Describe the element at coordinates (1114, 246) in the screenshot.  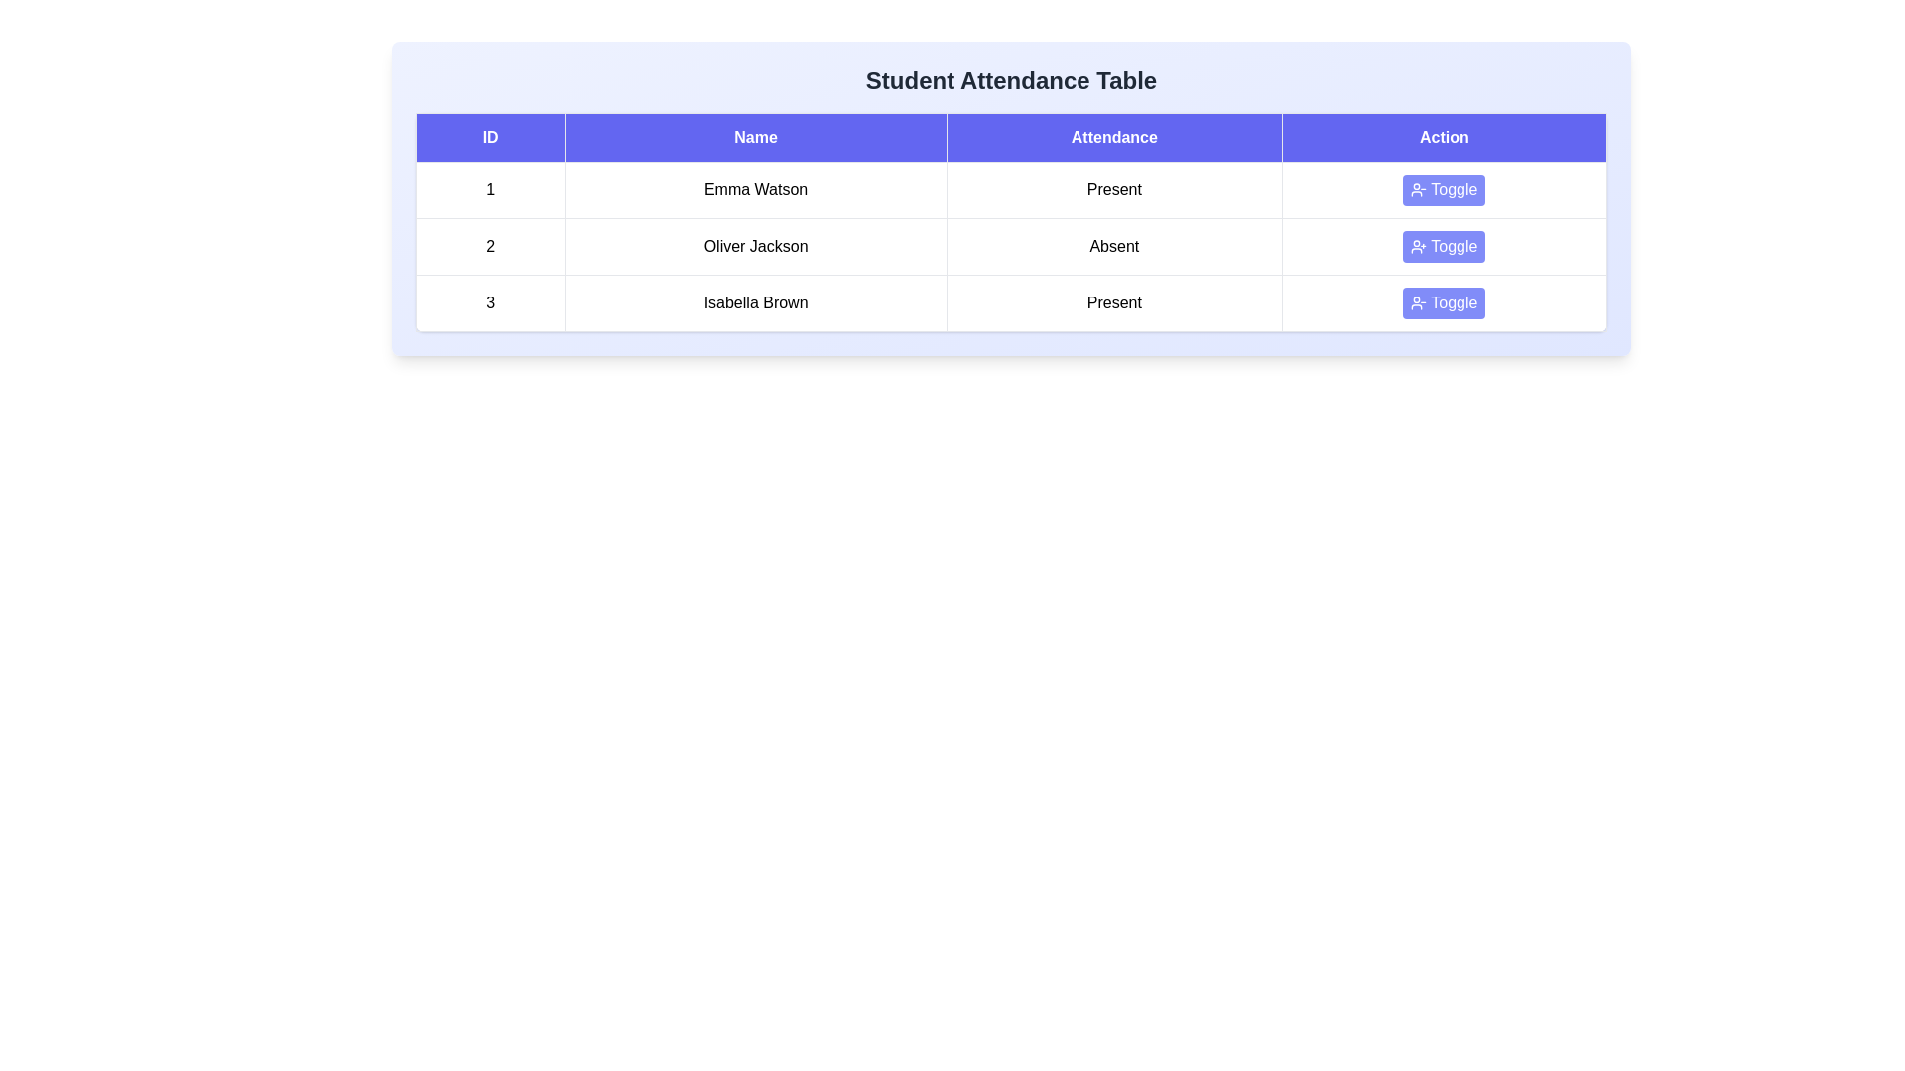
I see `text from the bold black text label that says 'Absent', located in the third column of the attendance table for Oliver Jackson` at that location.